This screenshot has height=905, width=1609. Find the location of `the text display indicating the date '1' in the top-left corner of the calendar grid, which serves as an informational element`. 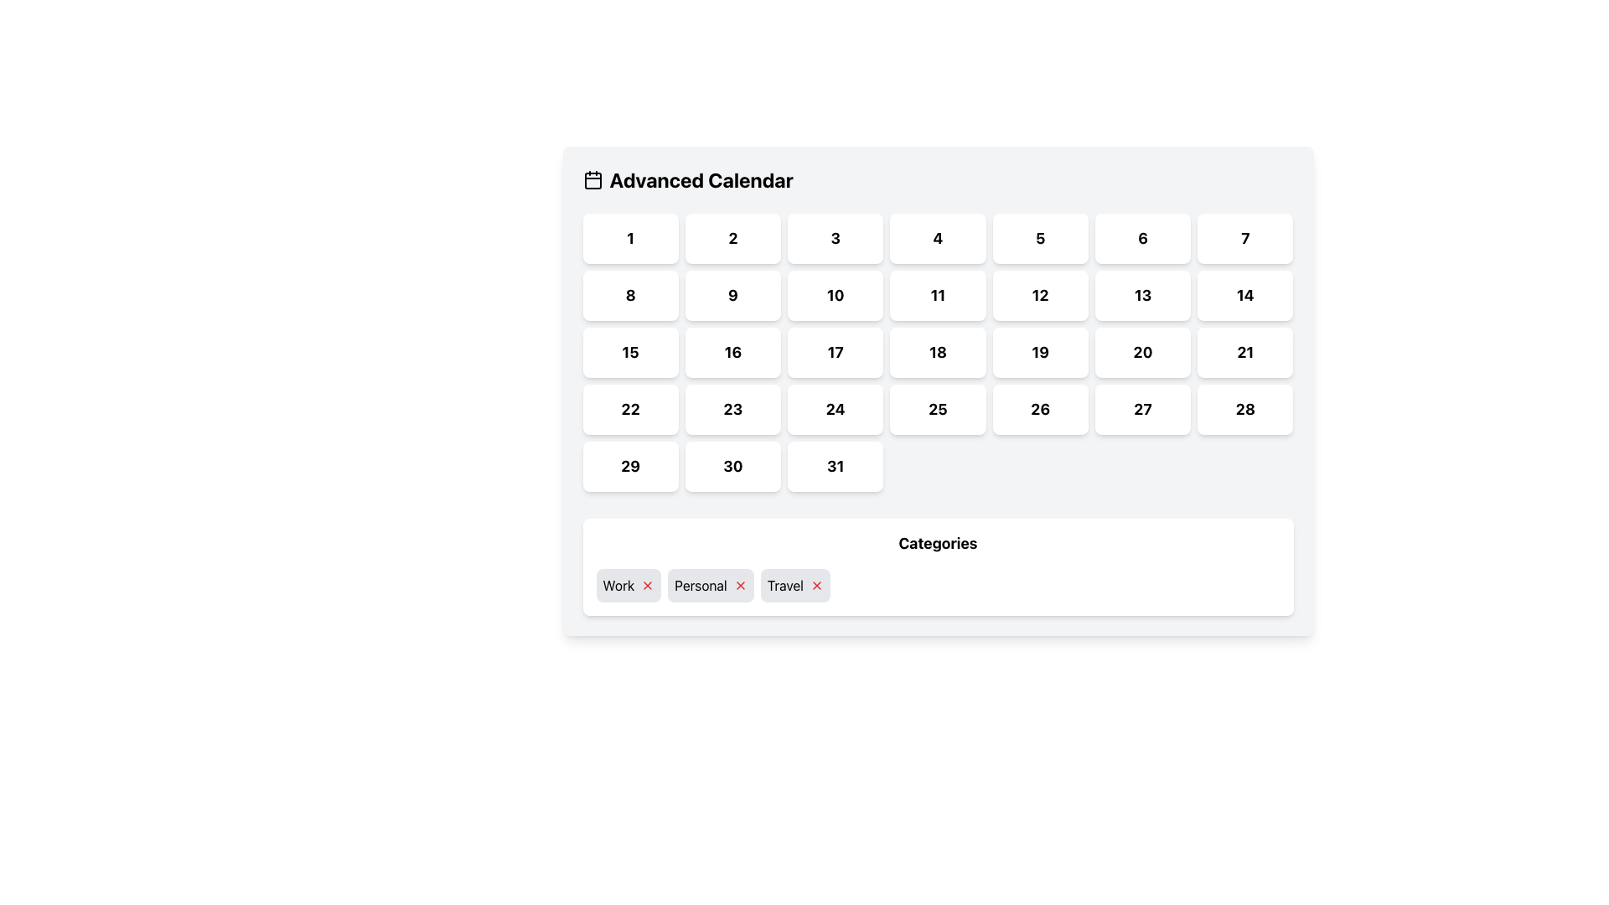

the text display indicating the date '1' in the top-left corner of the calendar grid, which serves as an informational element is located at coordinates (629, 238).